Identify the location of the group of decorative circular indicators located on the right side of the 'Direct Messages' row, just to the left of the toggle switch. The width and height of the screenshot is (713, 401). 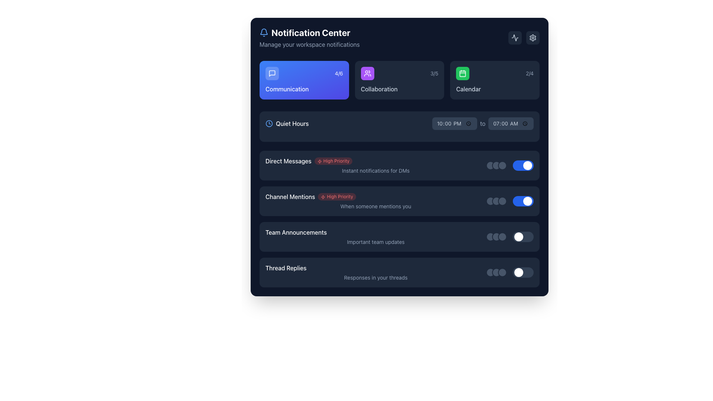
(497, 165).